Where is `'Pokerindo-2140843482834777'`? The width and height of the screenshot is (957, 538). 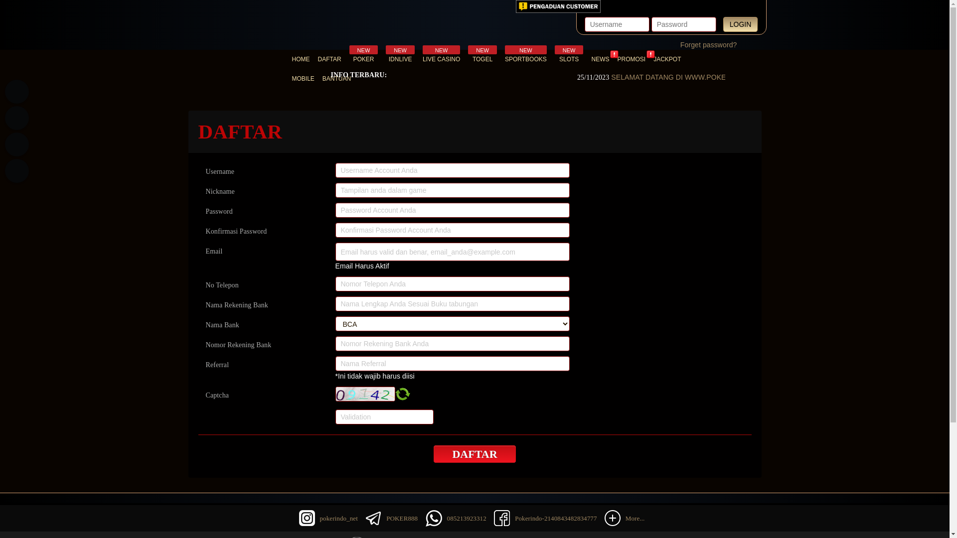 'Pokerindo-2140843482834777' is located at coordinates (555, 518).